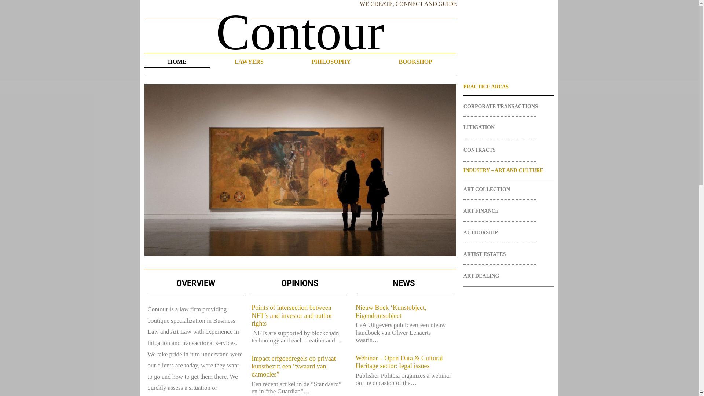 The image size is (704, 396). I want to click on 'ARTIST ESTATES', so click(463, 254).